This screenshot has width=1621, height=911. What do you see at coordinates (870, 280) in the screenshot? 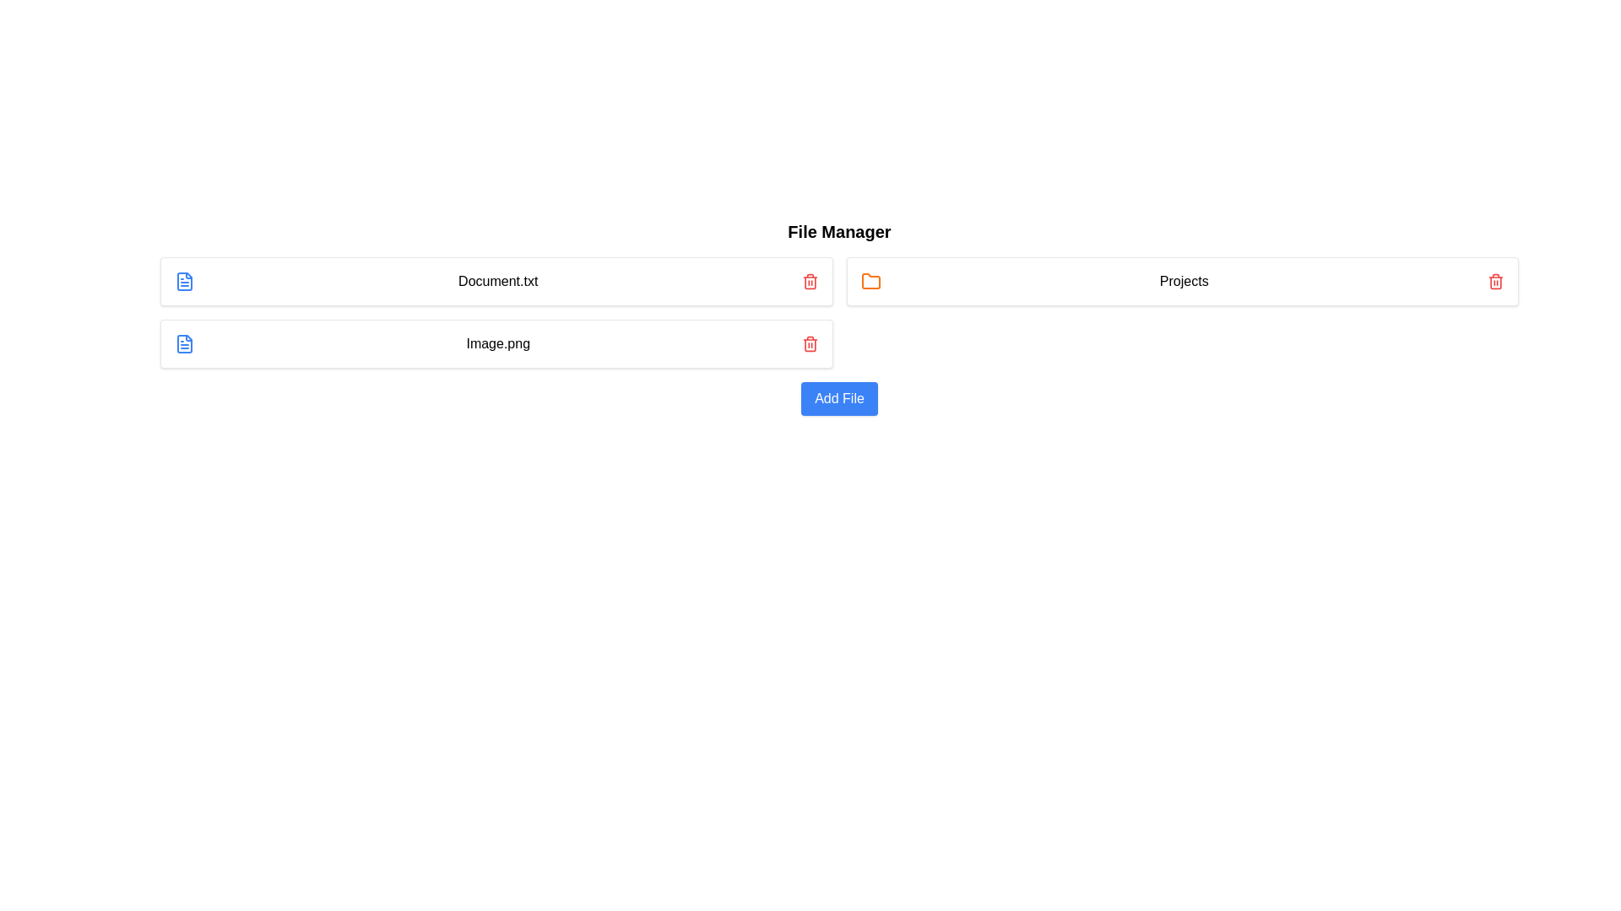
I see `the Folder Icon` at bounding box center [870, 280].